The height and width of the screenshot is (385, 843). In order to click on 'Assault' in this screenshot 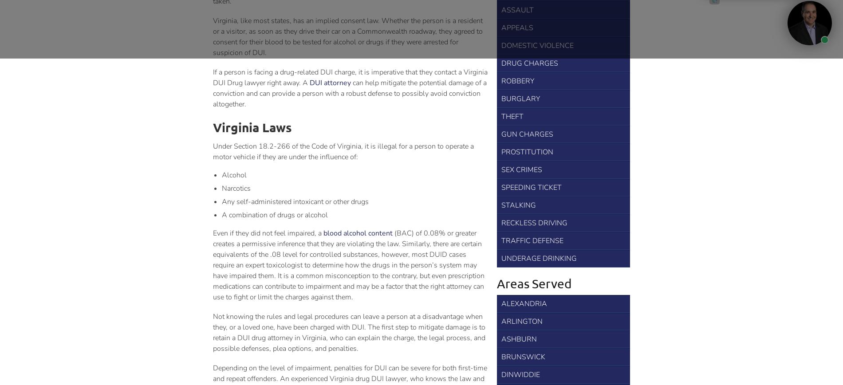, I will do `click(517, 10)`.